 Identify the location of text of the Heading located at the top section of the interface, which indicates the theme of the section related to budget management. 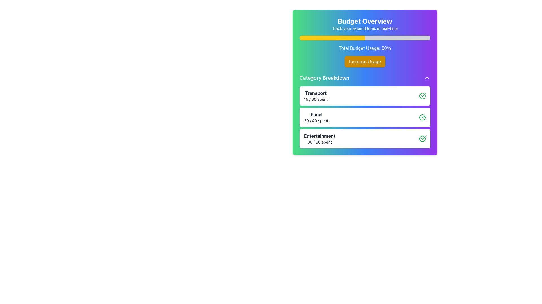
(365, 21).